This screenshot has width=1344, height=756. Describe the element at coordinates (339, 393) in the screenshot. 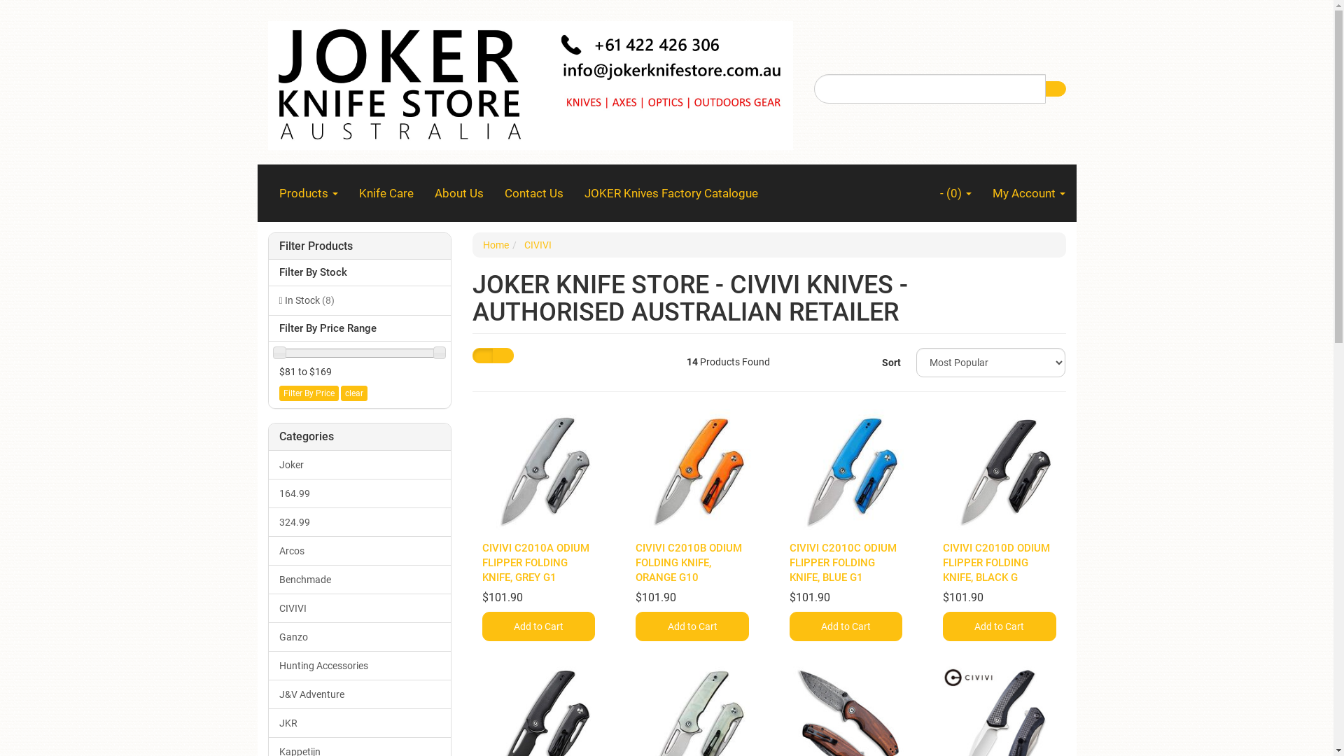

I see `'clear'` at that location.